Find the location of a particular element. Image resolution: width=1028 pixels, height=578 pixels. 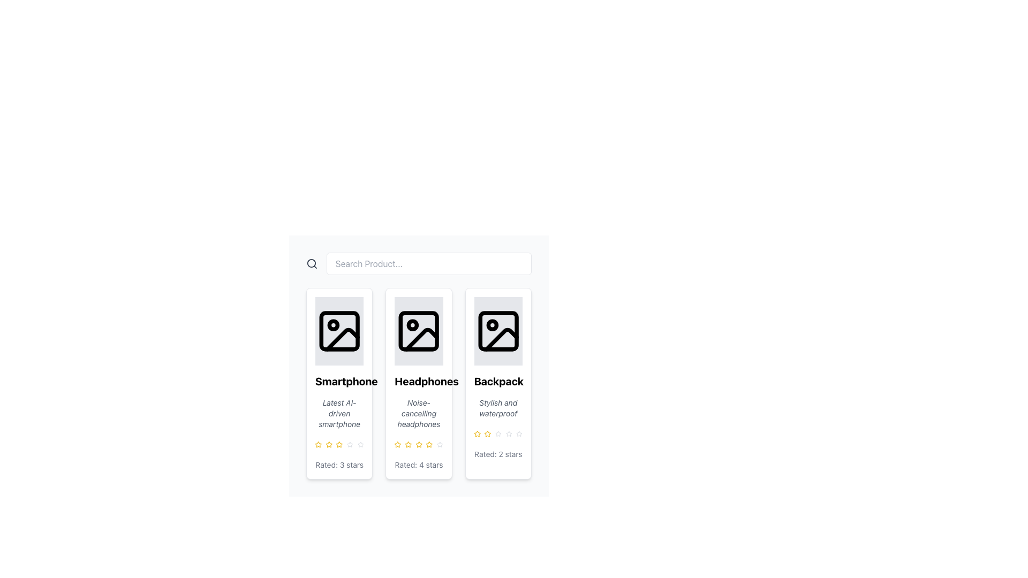

static text descriptor that displays 'Rated: 3 stars', located at the bottom of a smartphone product card is located at coordinates (339, 464).